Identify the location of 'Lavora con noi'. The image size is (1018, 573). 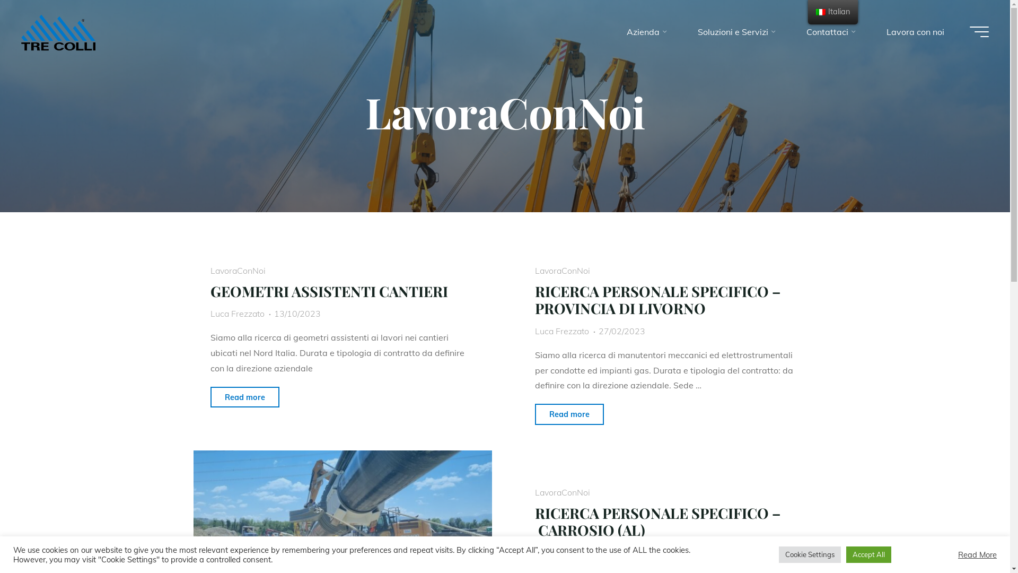
(915, 31).